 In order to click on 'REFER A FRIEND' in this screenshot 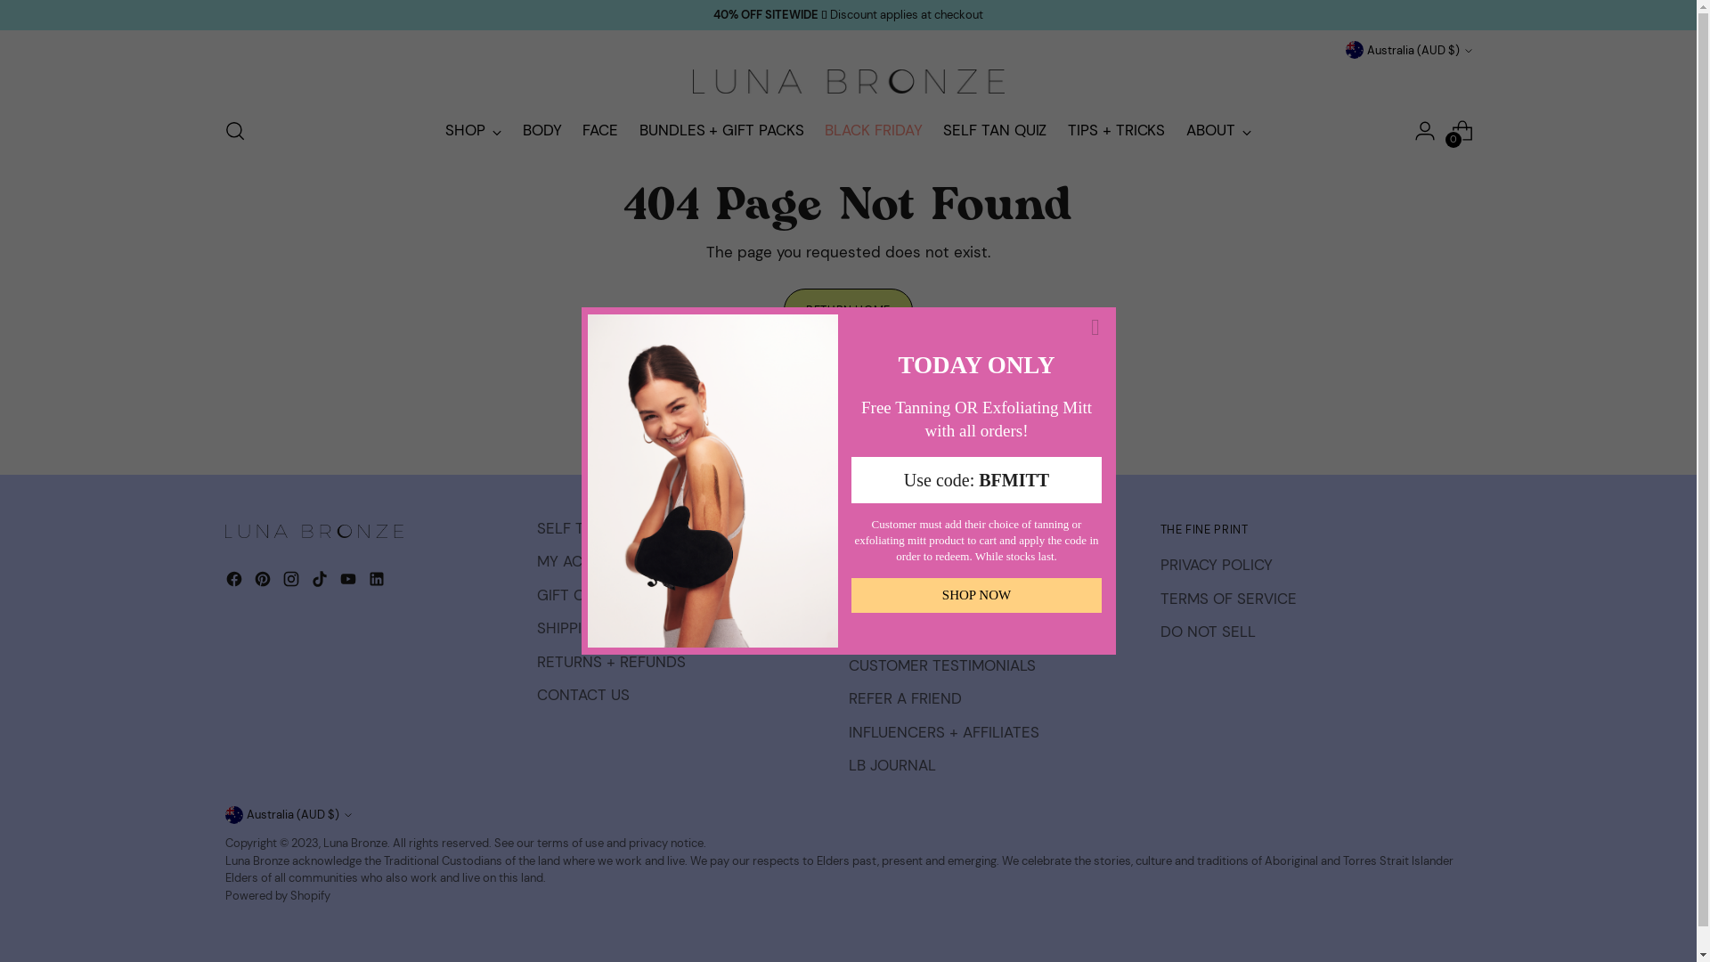, I will do `click(904, 697)`.